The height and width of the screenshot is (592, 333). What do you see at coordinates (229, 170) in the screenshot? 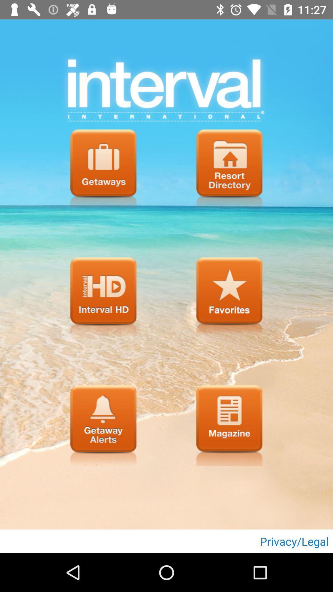
I see `open directory` at bounding box center [229, 170].